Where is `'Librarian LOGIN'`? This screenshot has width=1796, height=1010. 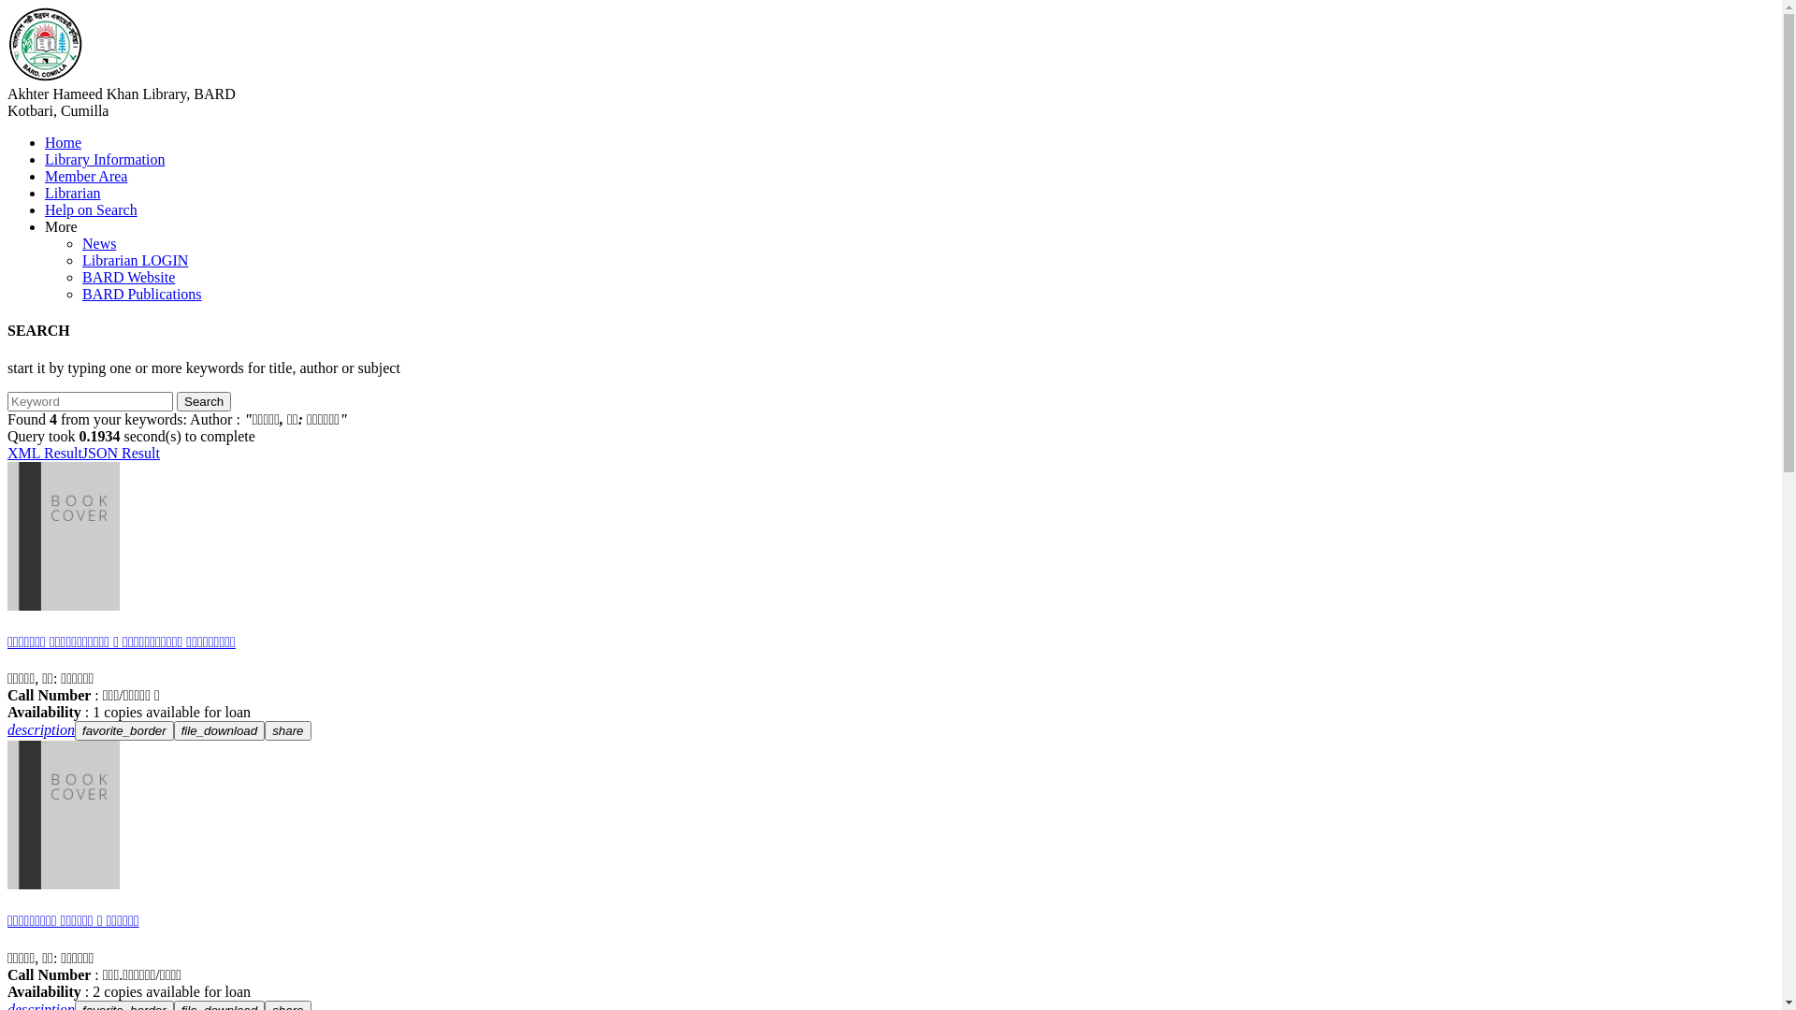
'Librarian LOGIN' is located at coordinates (134, 260).